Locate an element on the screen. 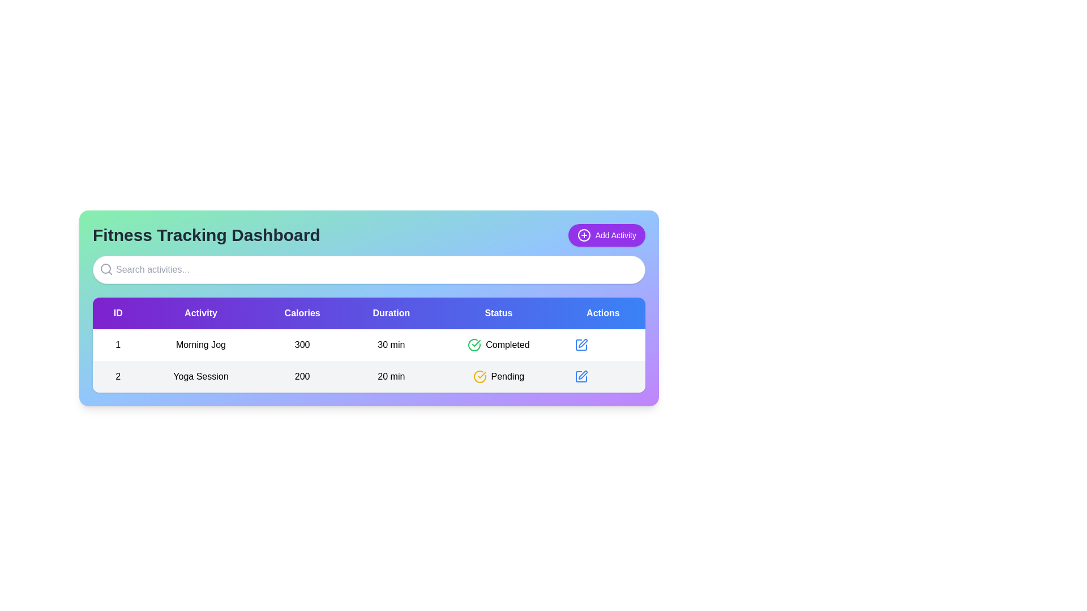  the 'Pending' label with the yellow circle outline and check mark icon in the 'Status' column of the second row, which corresponds to the 'Yoga Session' activity is located at coordinates (498, 377).